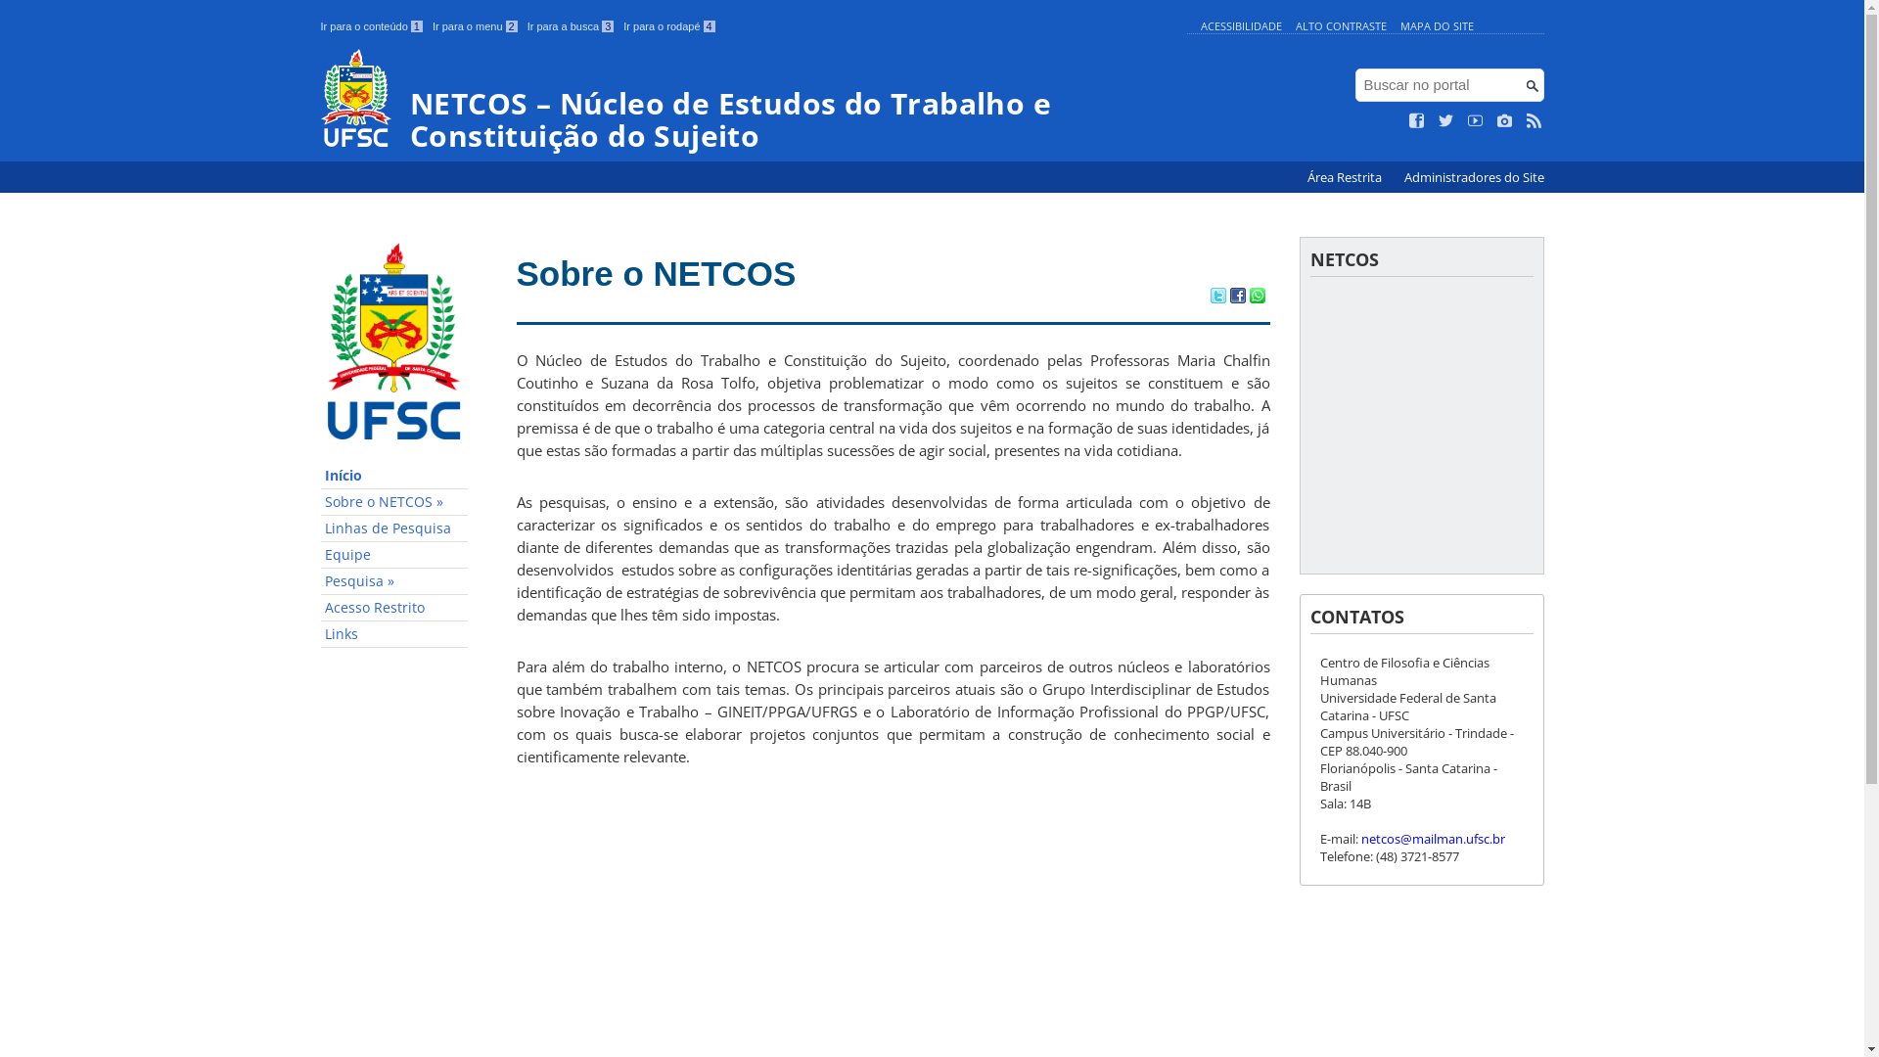 The width and height of the screenshot is (1879, 1057). Describe the element at coordinates (570, 26) in the screenshot. I see `'Ir para a busca 3'` at that location.